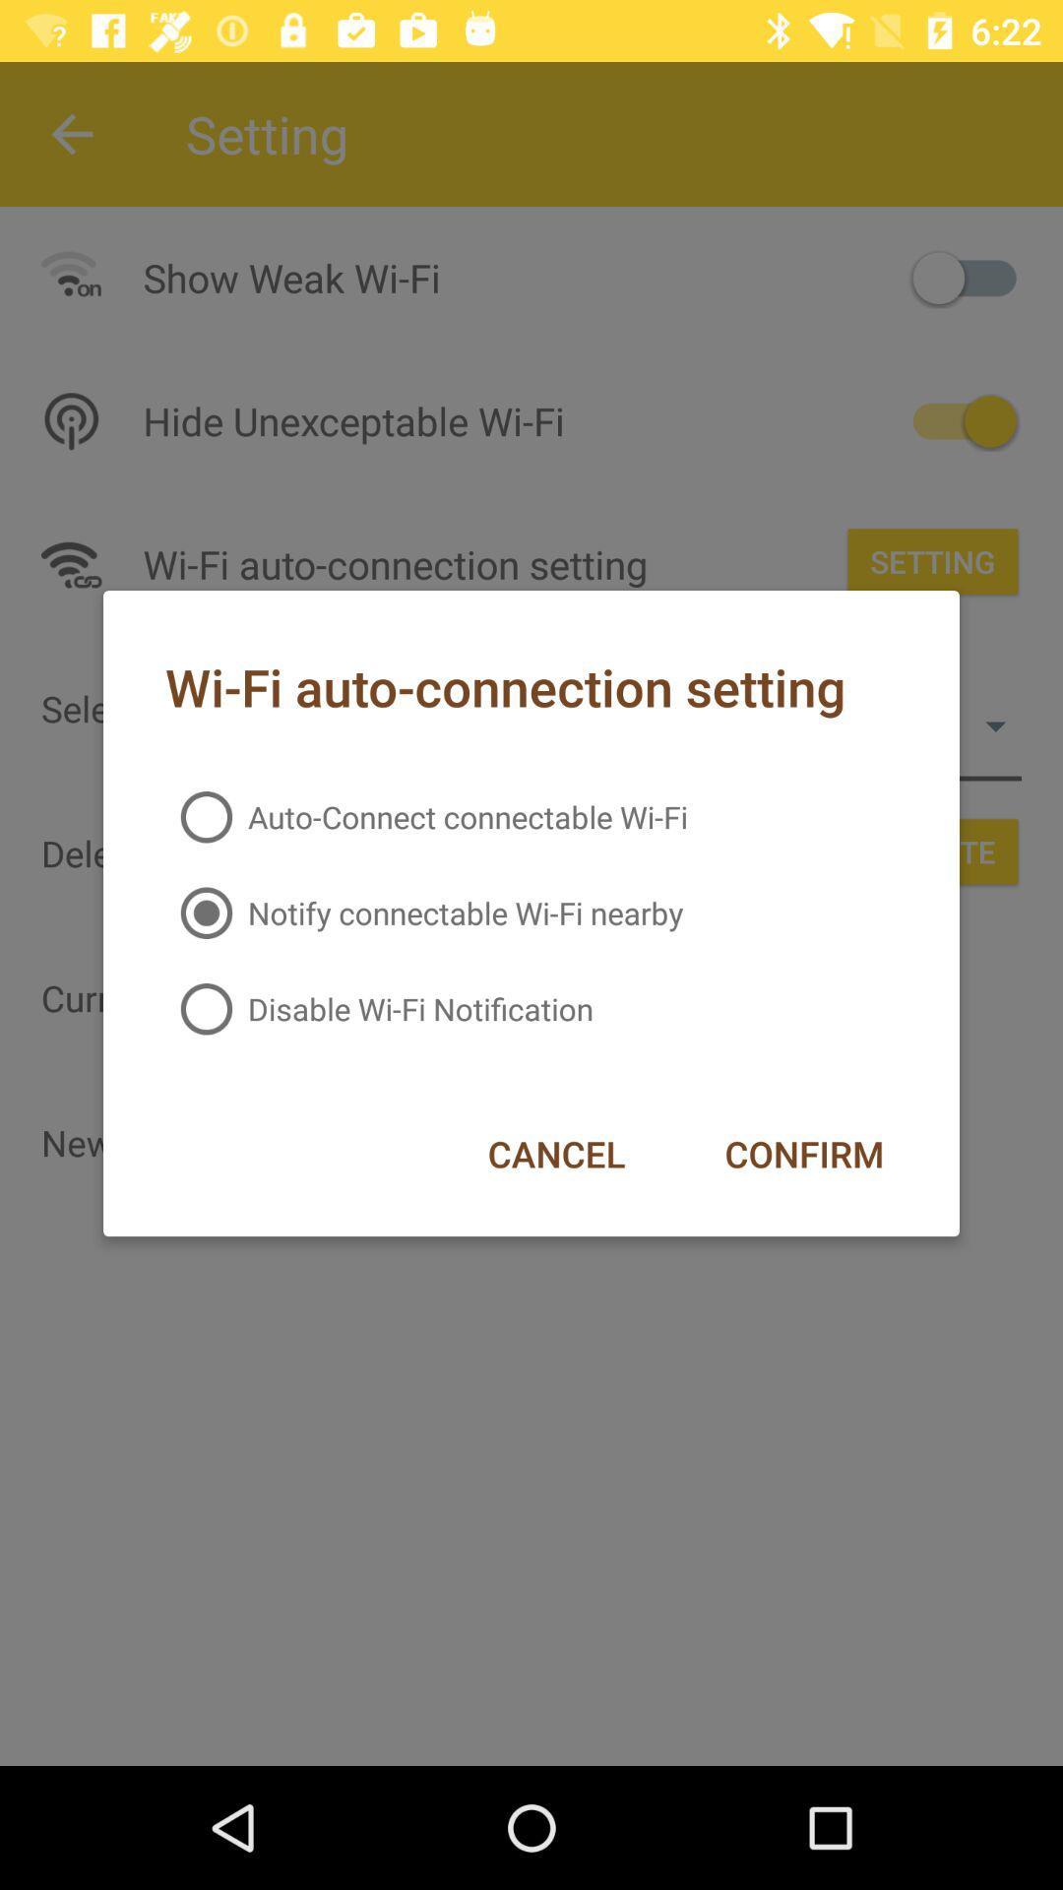  What do you see at coordinates (804, 1154) in the screenshot?
I see `item on the right` at bounding box center [804, 1154].